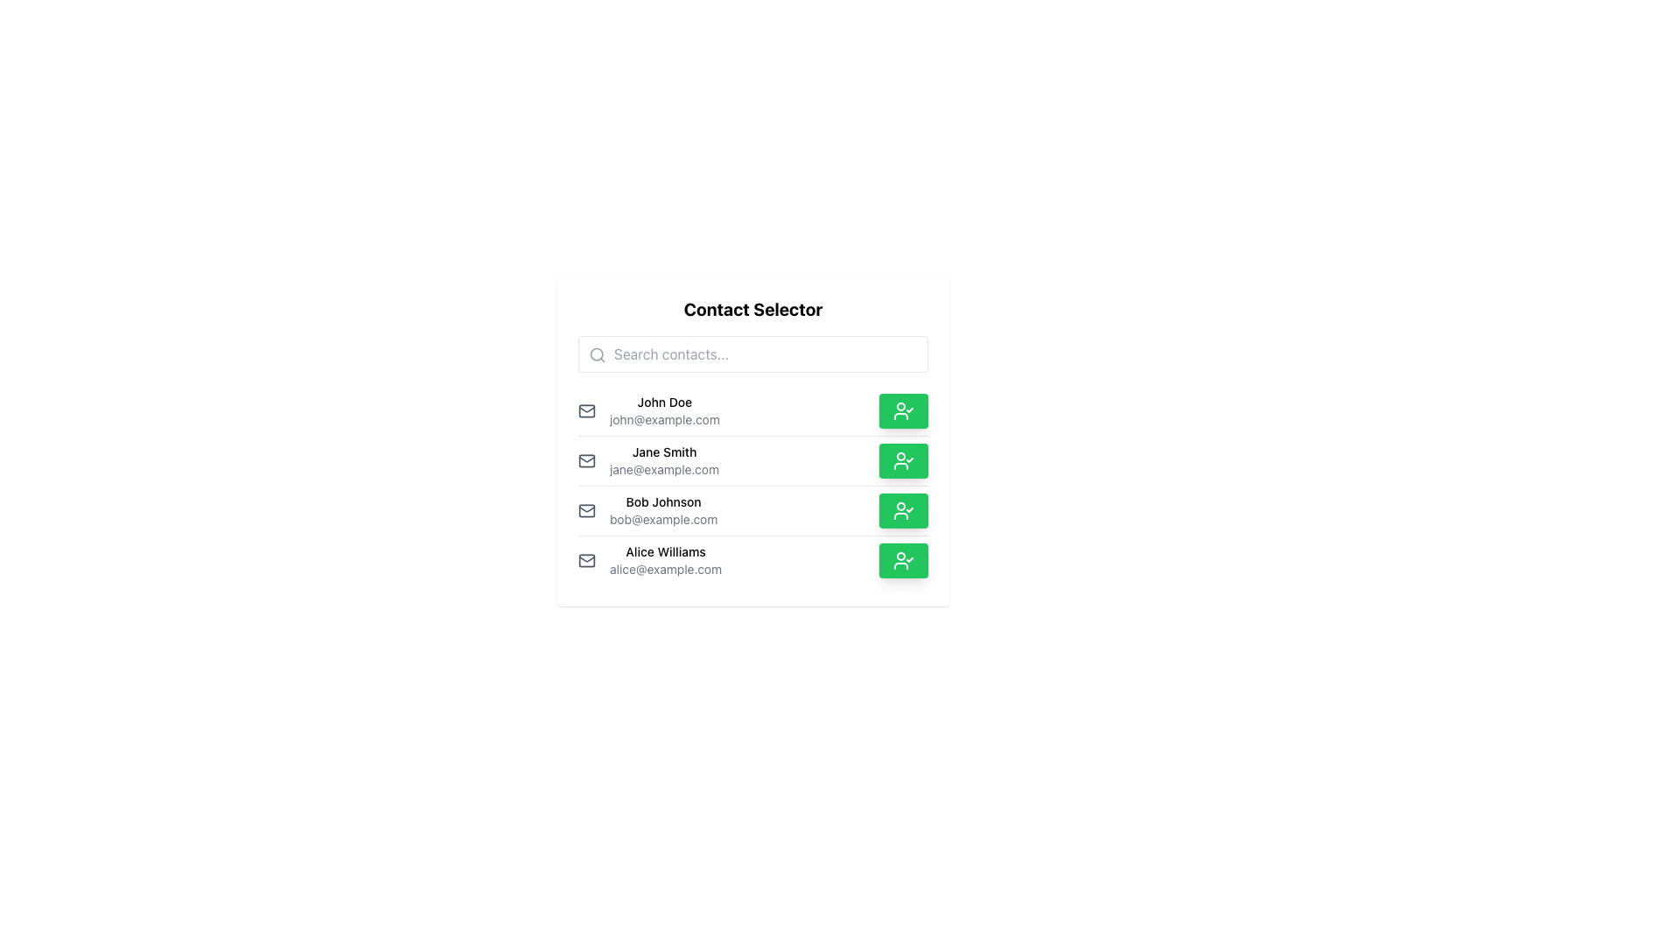 Image resolution: width=1680 pixels, height=945 pixels. I want to click on the text label displaying 'Alice Williams' which is part of the contact selection interface and positioned above the email address 'alice@example.com', so click(665, 552).